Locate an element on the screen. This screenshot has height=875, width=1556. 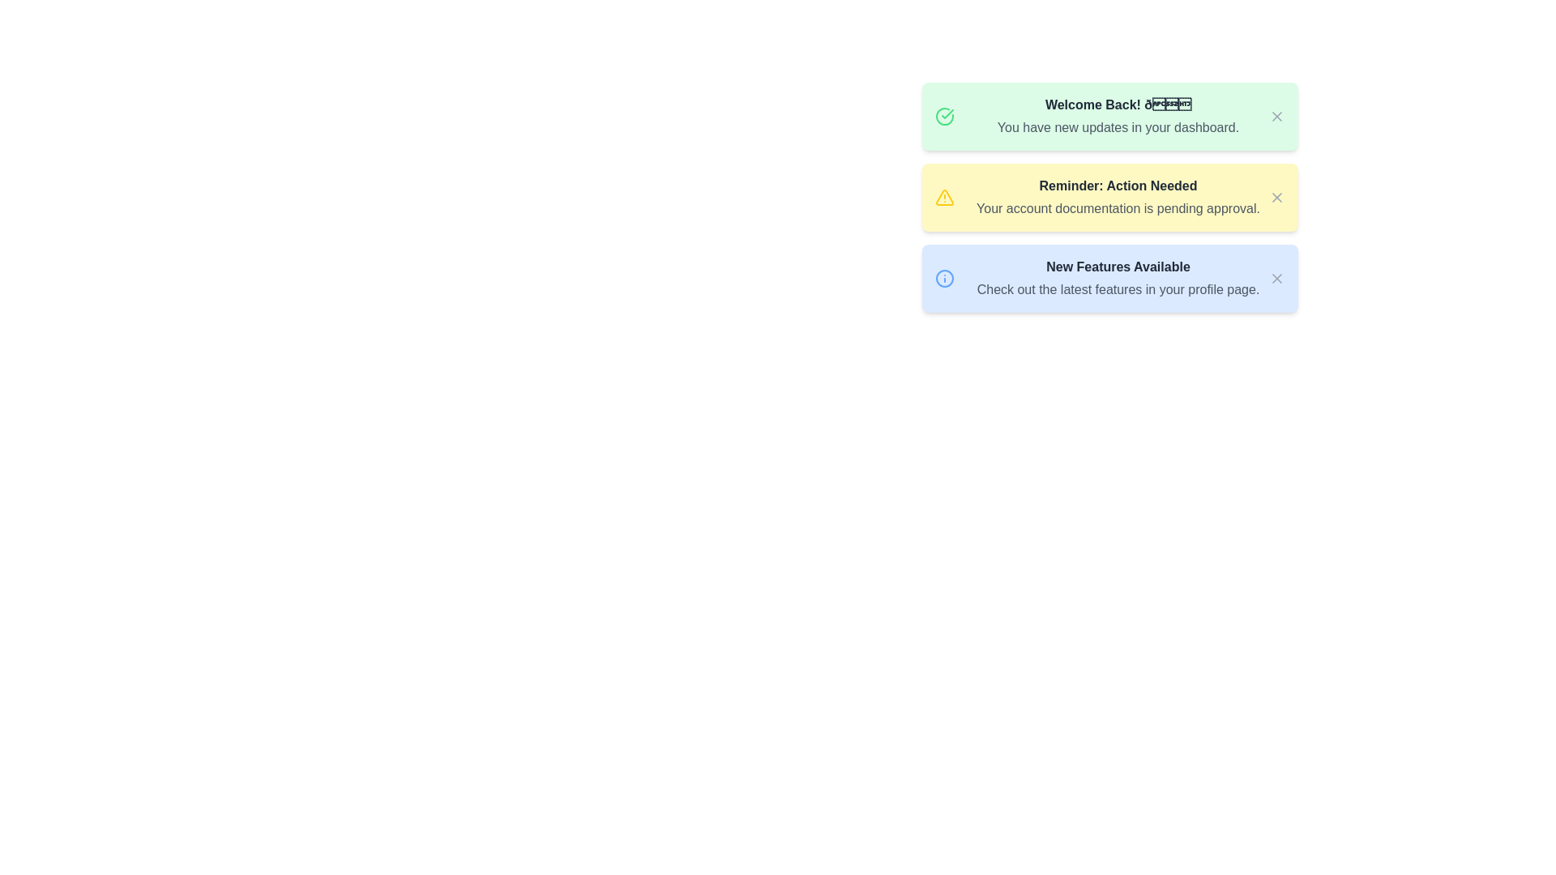
the cautionary icon located beside the title text 'Reminder: Action Needed' in the yellow alert box is located at coordinates (945, 196).